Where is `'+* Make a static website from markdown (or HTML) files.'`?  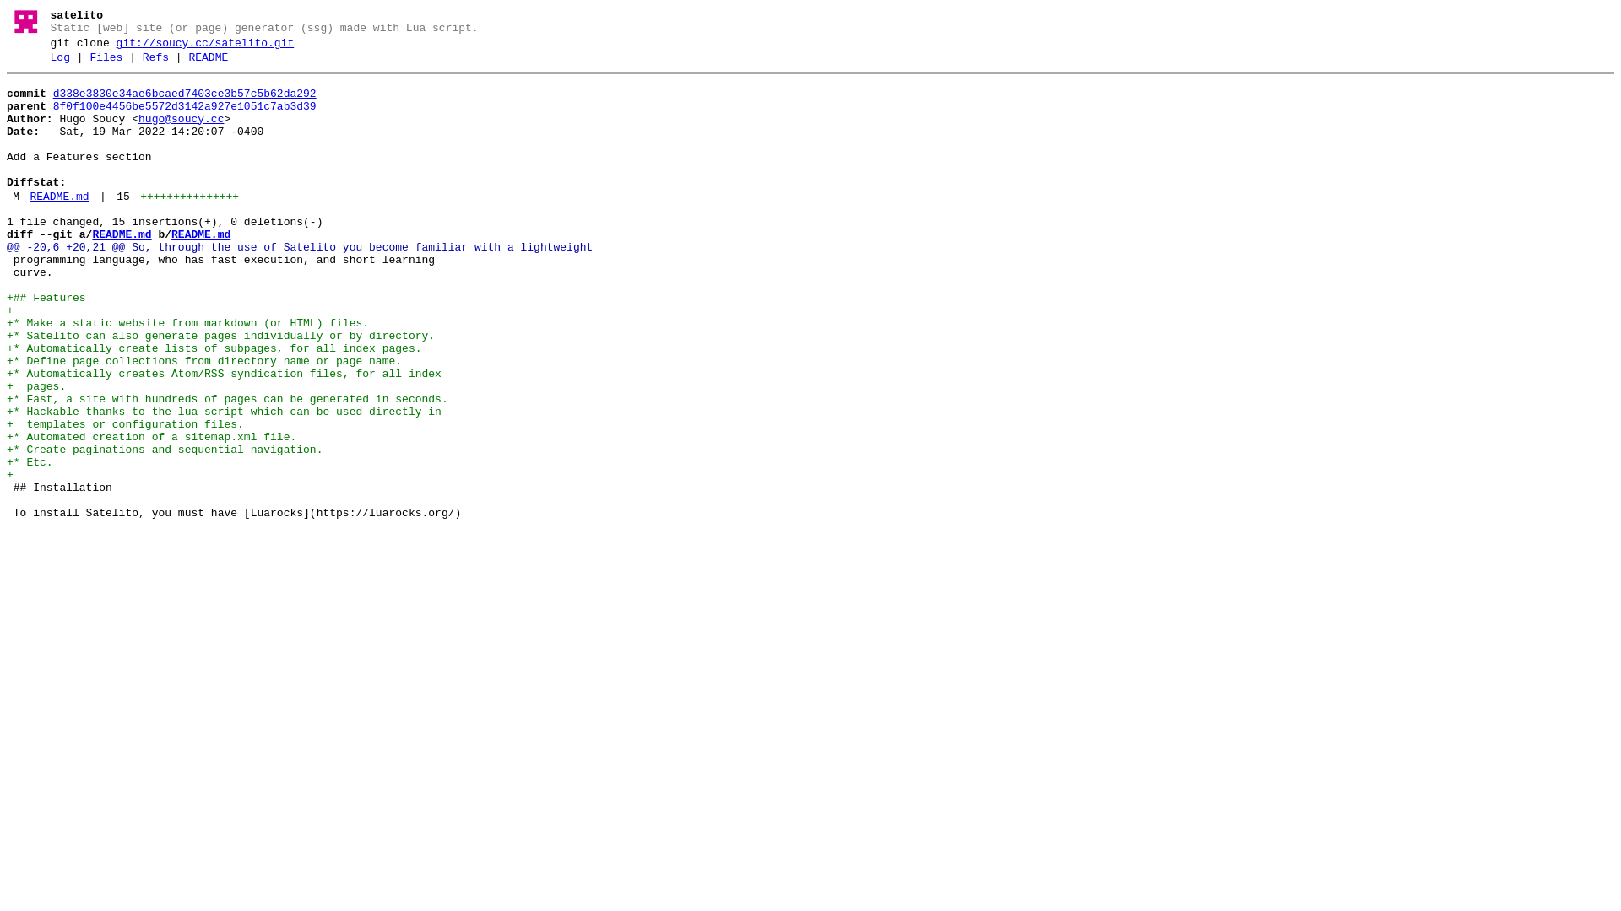 '+* Make a static website from markdown (or HTML) files.' is located at coordinates (187, 323).